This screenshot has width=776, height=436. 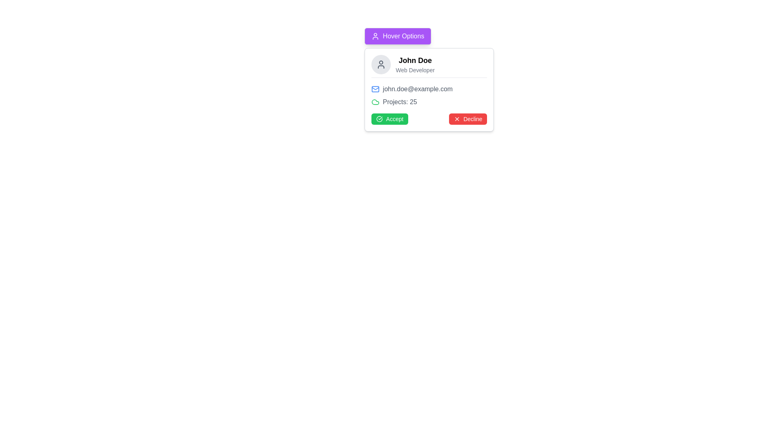 What do you see at coordinates (468, 119) in the screenshot?
I see `the 'Decline' button, which is a rectangular button with a red background and white text reading 'Decline', located towards the bottom-right of the modal dialog` at bounding box center [468, 119].